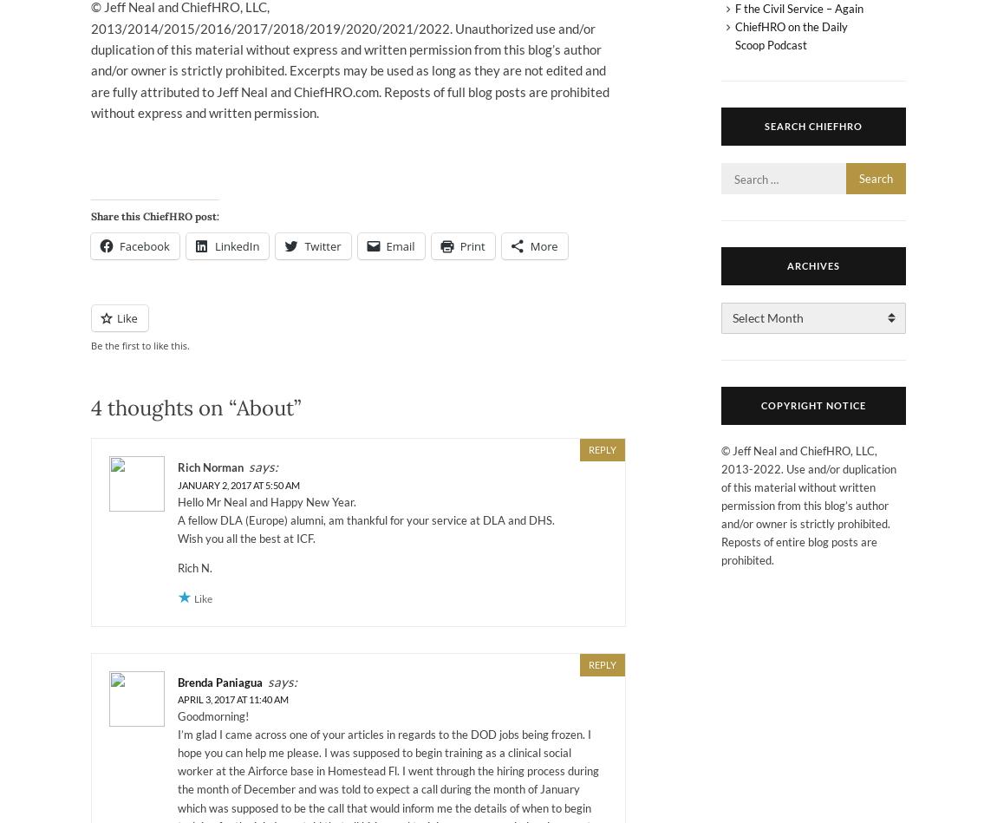 This screenshot has width=997, height=823. What do you see at coordinates (209, 467) in the screenshot?
I see `'Rich Norman'` at bounding box center [209, 467].